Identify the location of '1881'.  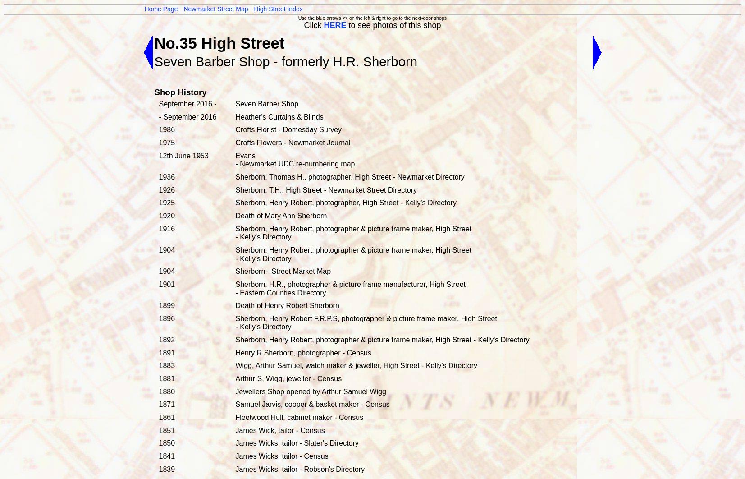
(158, 378).